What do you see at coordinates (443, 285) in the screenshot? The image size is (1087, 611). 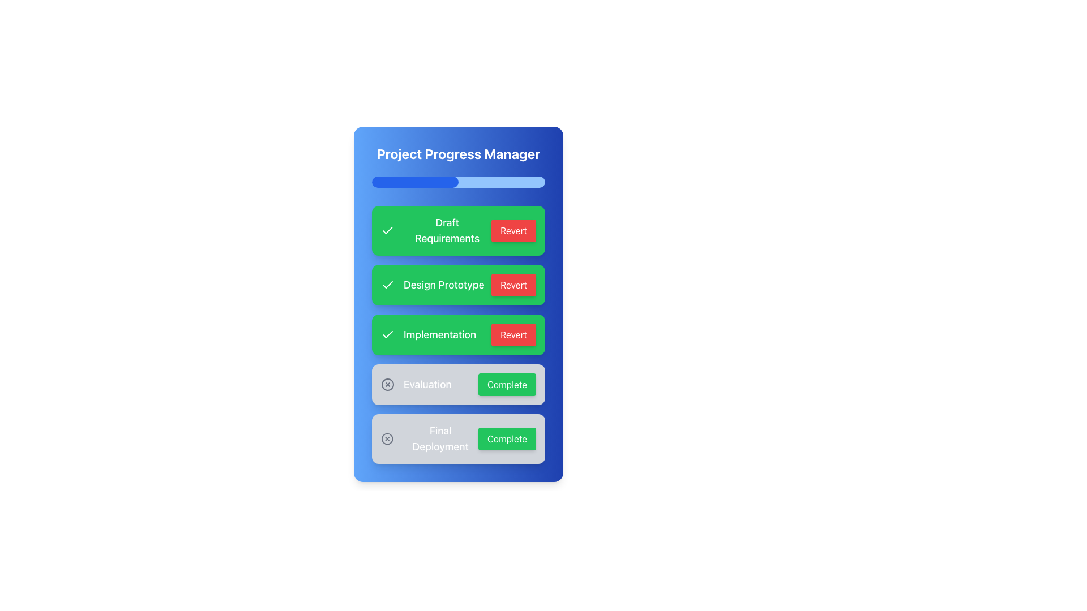 I see `the bold text label displaying 'Design Prototype' located in the second row of the progress tracker interface, which is right-aligned to a checkmark icon and left of a 'Revert' button` at bounding box center [443, 285].